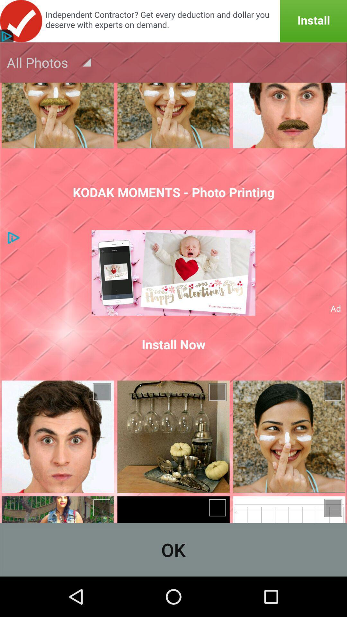  What do you see at coordinates (173, 273) in the screenshot?
I see `icon above the install now` at bounding box center [173, 273].